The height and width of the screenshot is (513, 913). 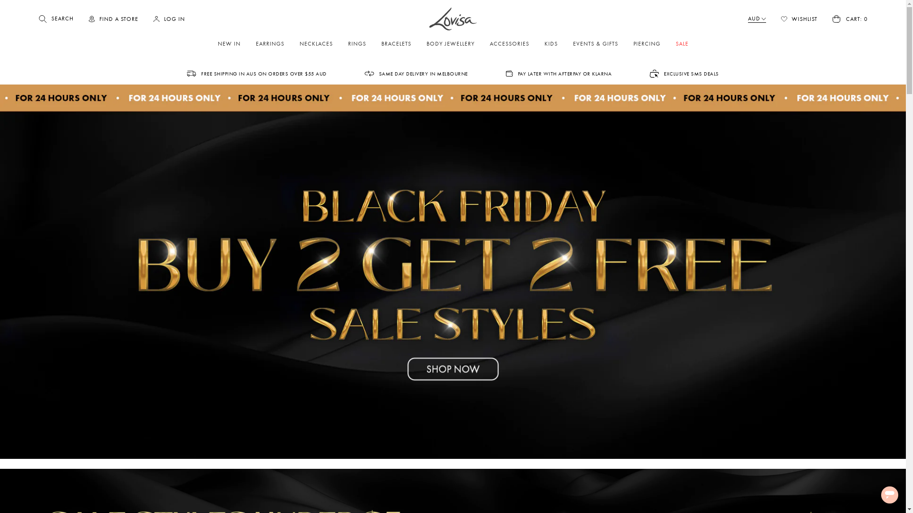 What do you see at coordinates (256, 73) in the screenshot?
I see `'FREE SHIPPING IN AUS ON ORDERS OVER $55 AUD'` at bounding box center [256, 73].